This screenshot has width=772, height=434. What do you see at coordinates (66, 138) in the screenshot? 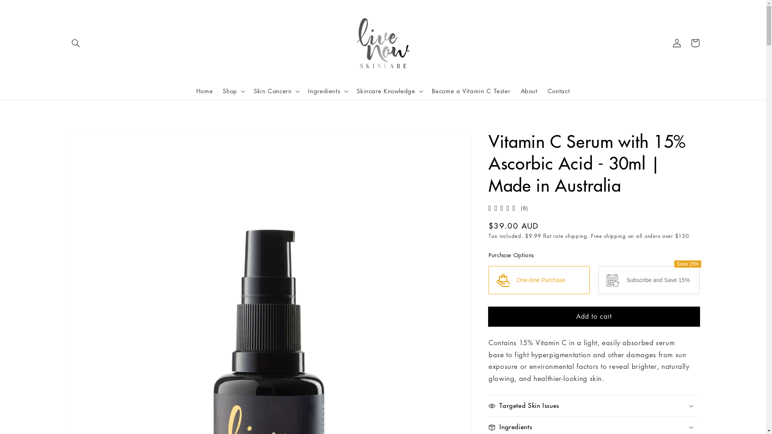
I see `'Skip to product information'` at bounding box center [66, 138].